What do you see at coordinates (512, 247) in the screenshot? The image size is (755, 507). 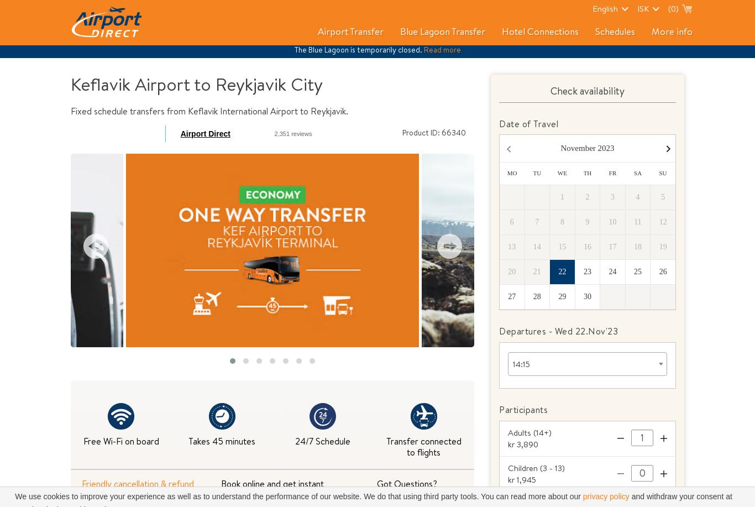 I see `'13'` at bounding box center [512, 247].